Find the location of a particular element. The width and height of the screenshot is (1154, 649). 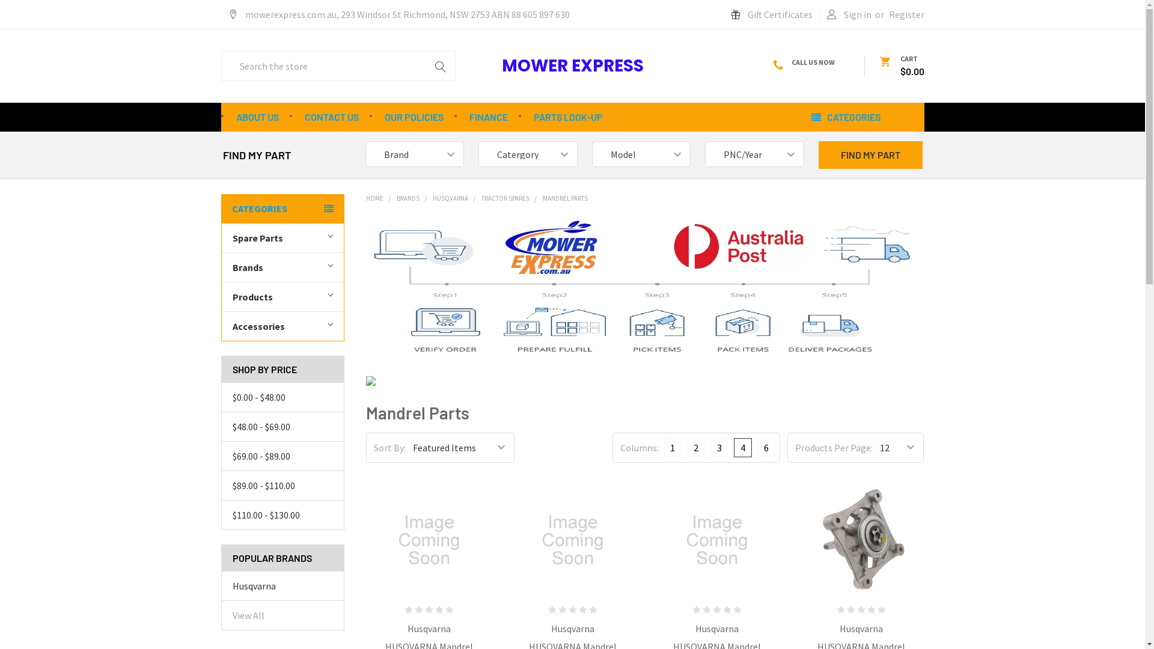

'BRANDS' is located at coordinates (408, 198).